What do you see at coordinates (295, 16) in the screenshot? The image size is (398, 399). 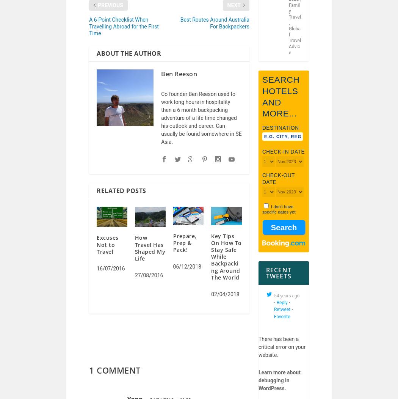 I see `'Family Travel'` at bounding box center [295, 16].